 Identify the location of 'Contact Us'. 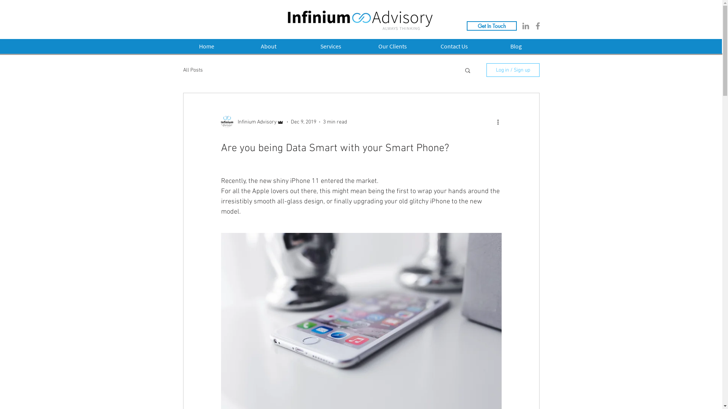
(454, 46).